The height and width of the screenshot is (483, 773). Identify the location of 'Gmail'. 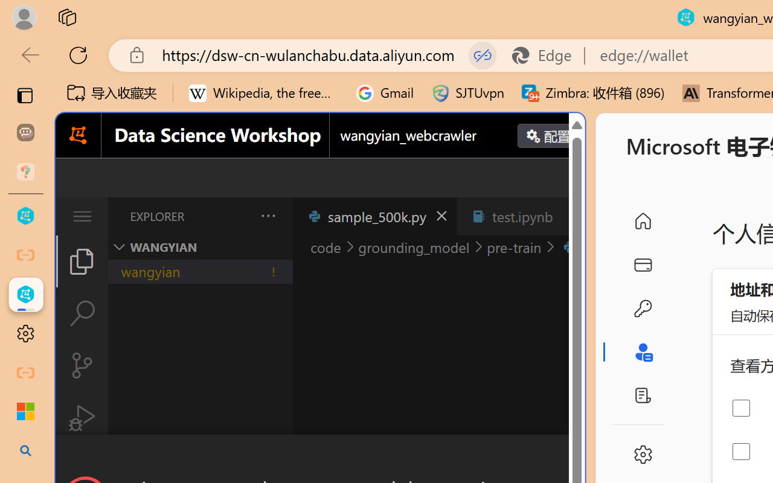
(385, 93).